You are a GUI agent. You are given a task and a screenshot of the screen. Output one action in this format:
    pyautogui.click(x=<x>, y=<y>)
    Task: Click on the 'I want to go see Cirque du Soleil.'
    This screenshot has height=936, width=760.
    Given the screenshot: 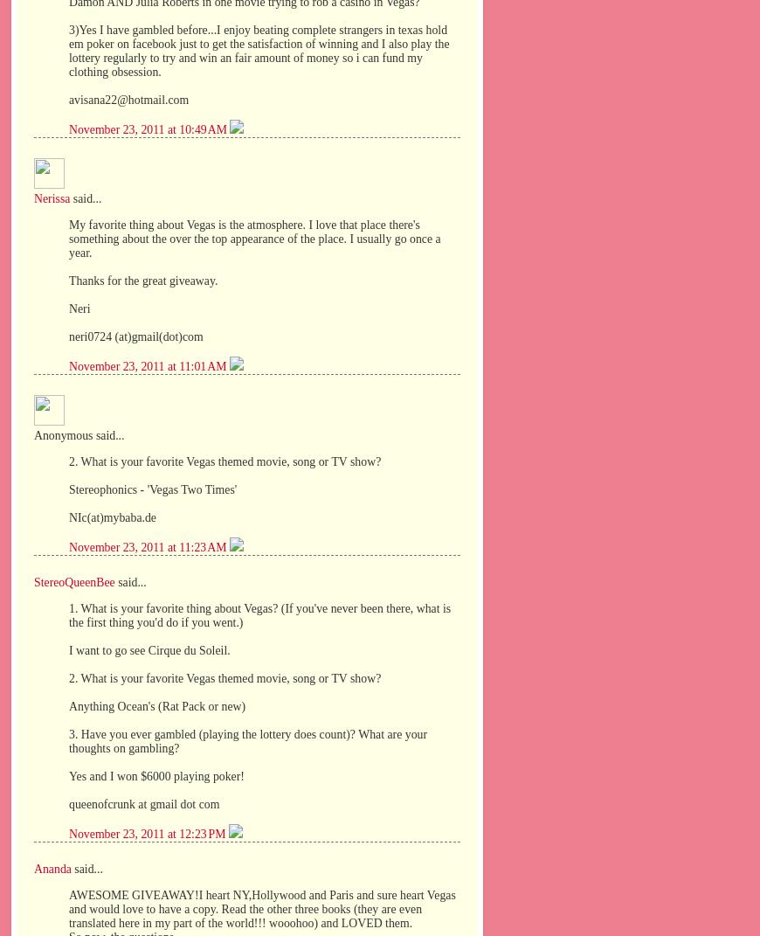 What is the action you would take?
    pyautogui.click(x=67, y=650)
    